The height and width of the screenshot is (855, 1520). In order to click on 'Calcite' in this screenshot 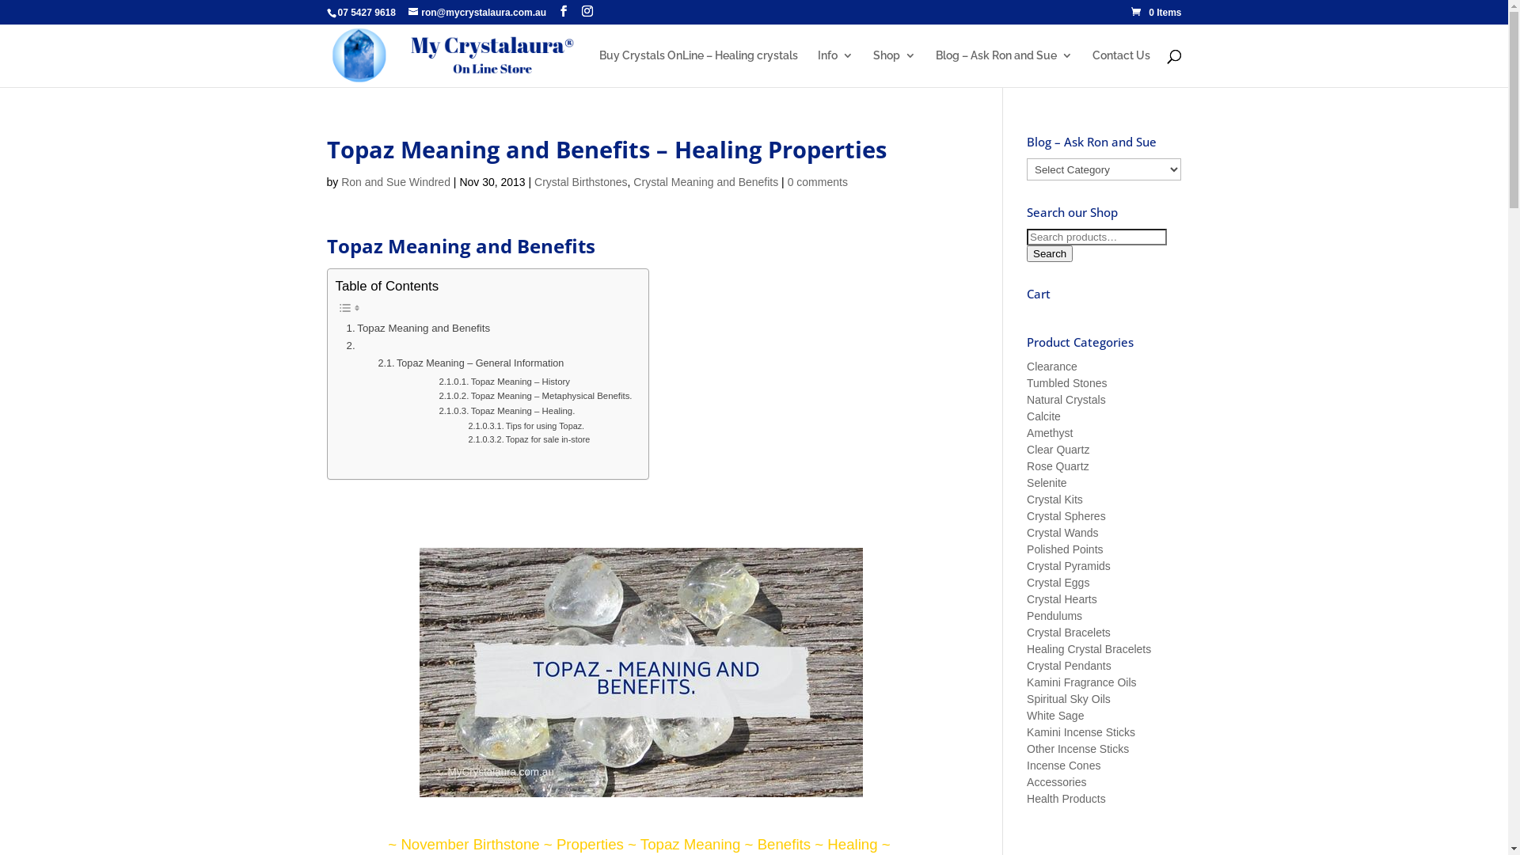, I will do `click(1043, 415)`.